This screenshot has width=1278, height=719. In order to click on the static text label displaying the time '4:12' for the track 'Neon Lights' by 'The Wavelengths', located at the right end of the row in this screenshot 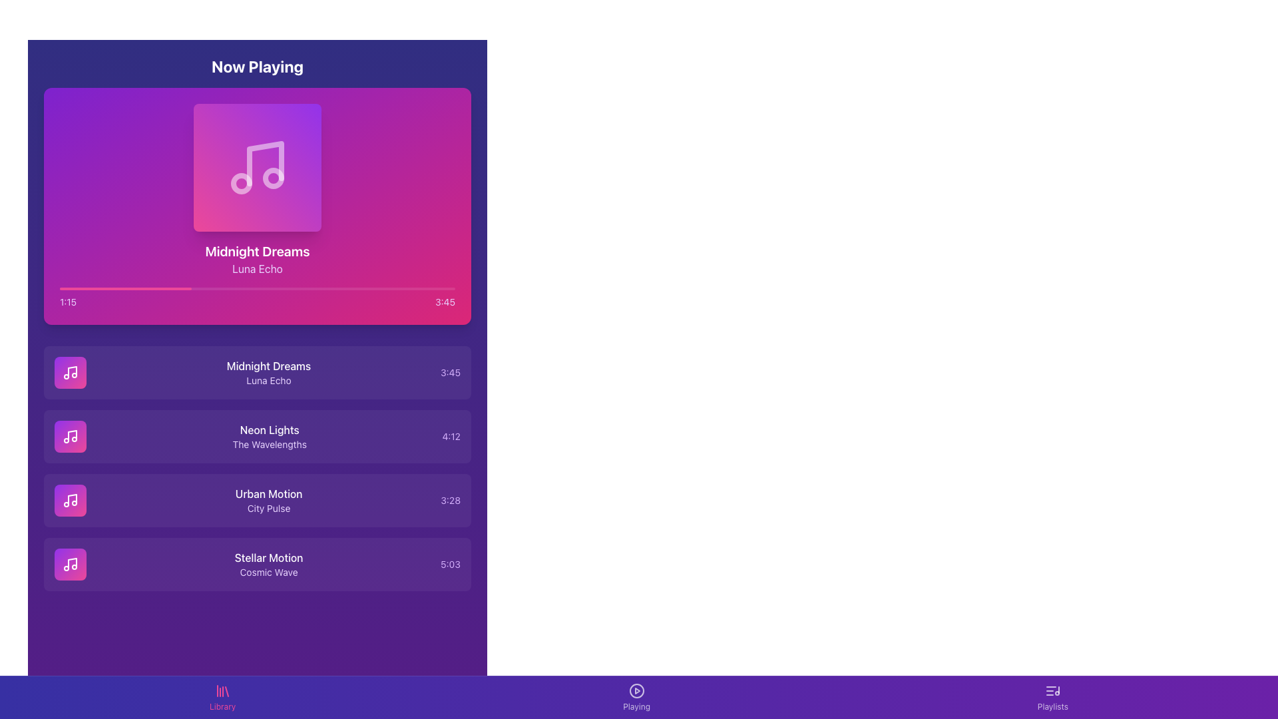, I will do `click(451, 436)`.